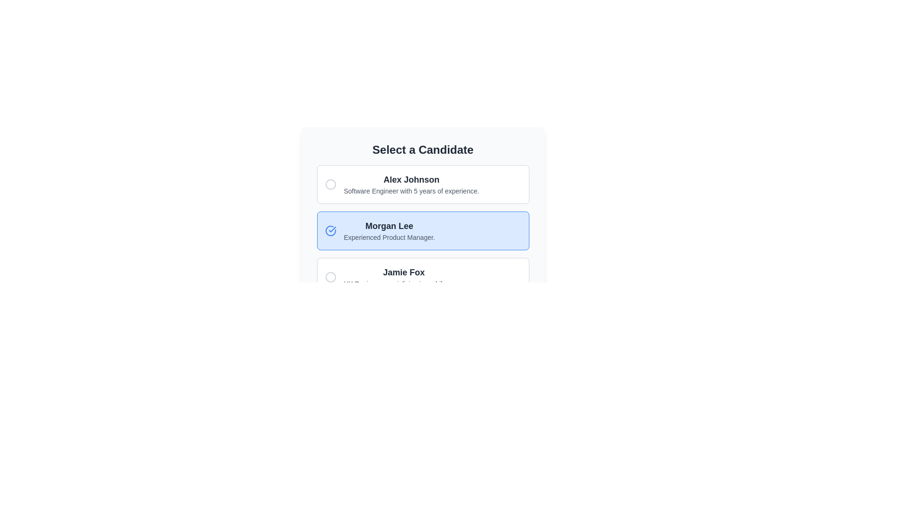 This screenshot has height=511, width=910. Describe the element at coordinates (422, 231) in the screenshot. I see `the selectable item in the list labeled 'Morgan Lee'` at that location.